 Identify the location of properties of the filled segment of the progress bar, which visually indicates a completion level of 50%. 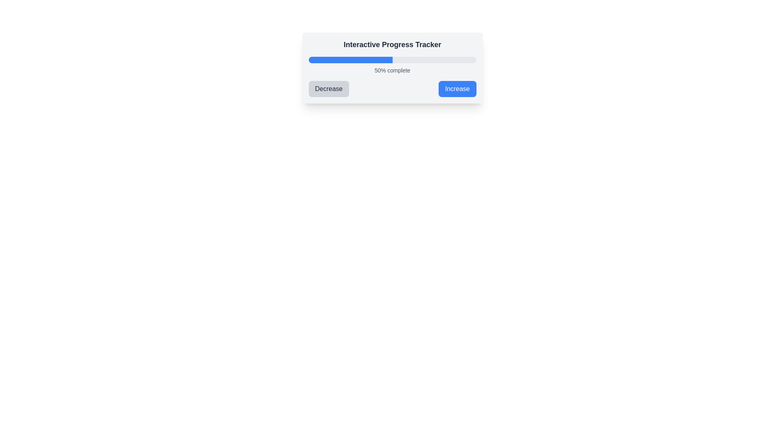
(350, 60).